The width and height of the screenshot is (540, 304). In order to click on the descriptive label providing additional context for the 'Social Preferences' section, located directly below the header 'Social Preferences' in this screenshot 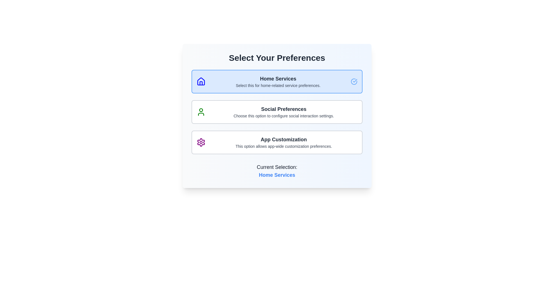, I will do `click(283, 116)`.